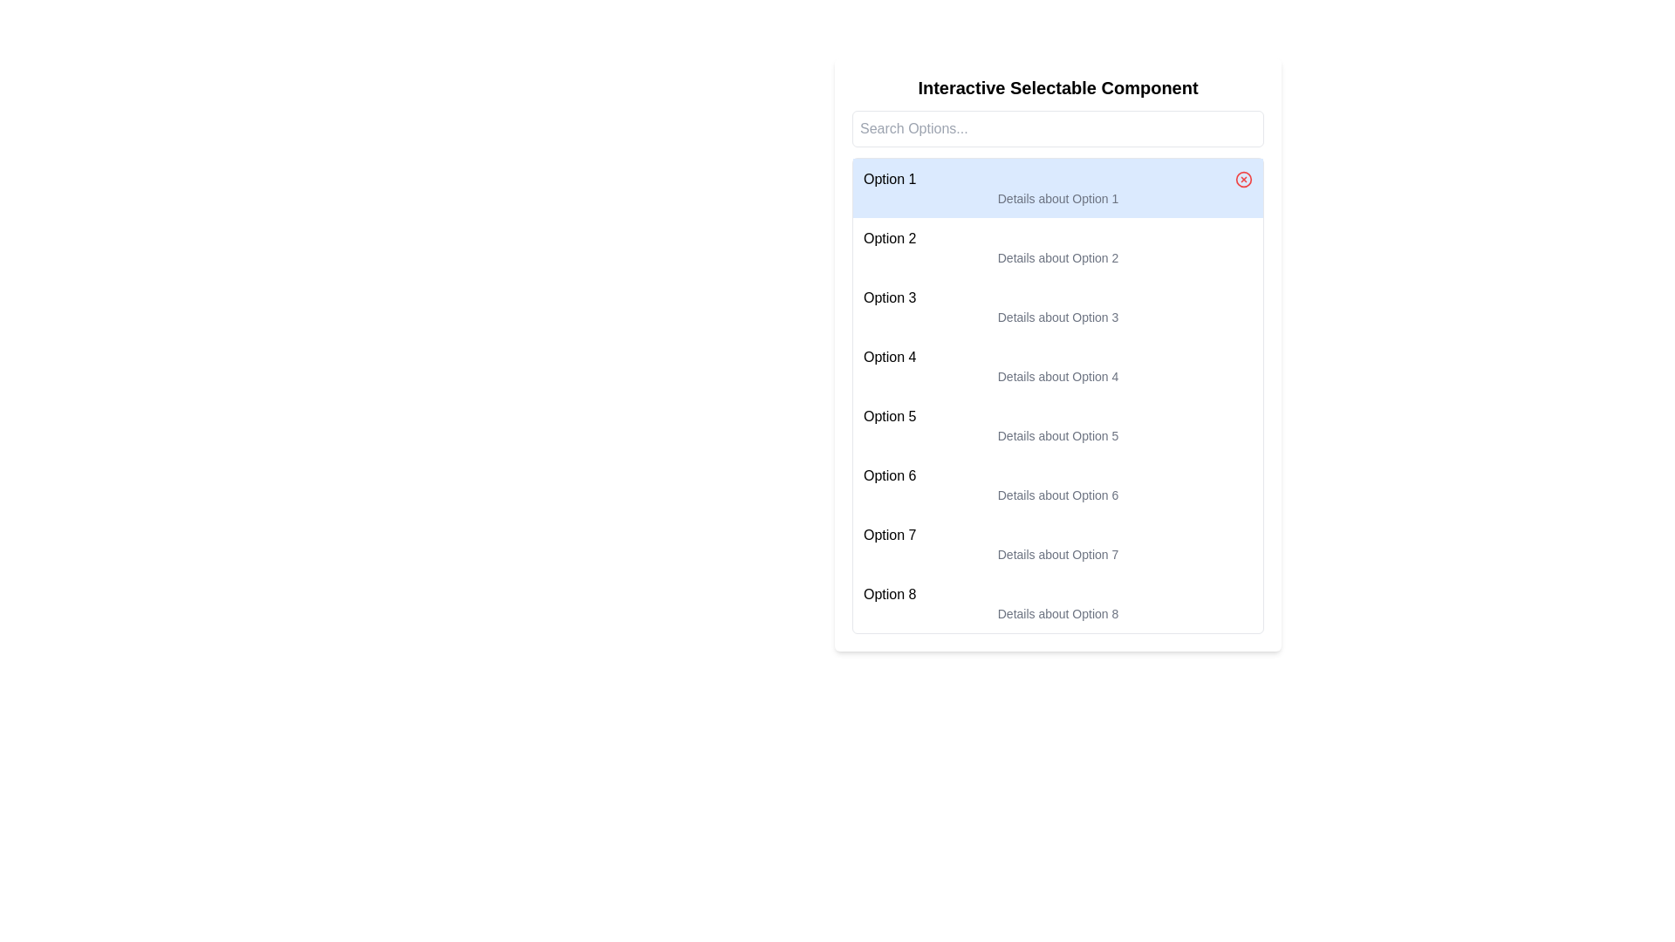 Image resolution: width=1675 pixels, height=942 pixels. I want to click on the search input box with the placeholder 'Search Options...', so click(1057, 127).